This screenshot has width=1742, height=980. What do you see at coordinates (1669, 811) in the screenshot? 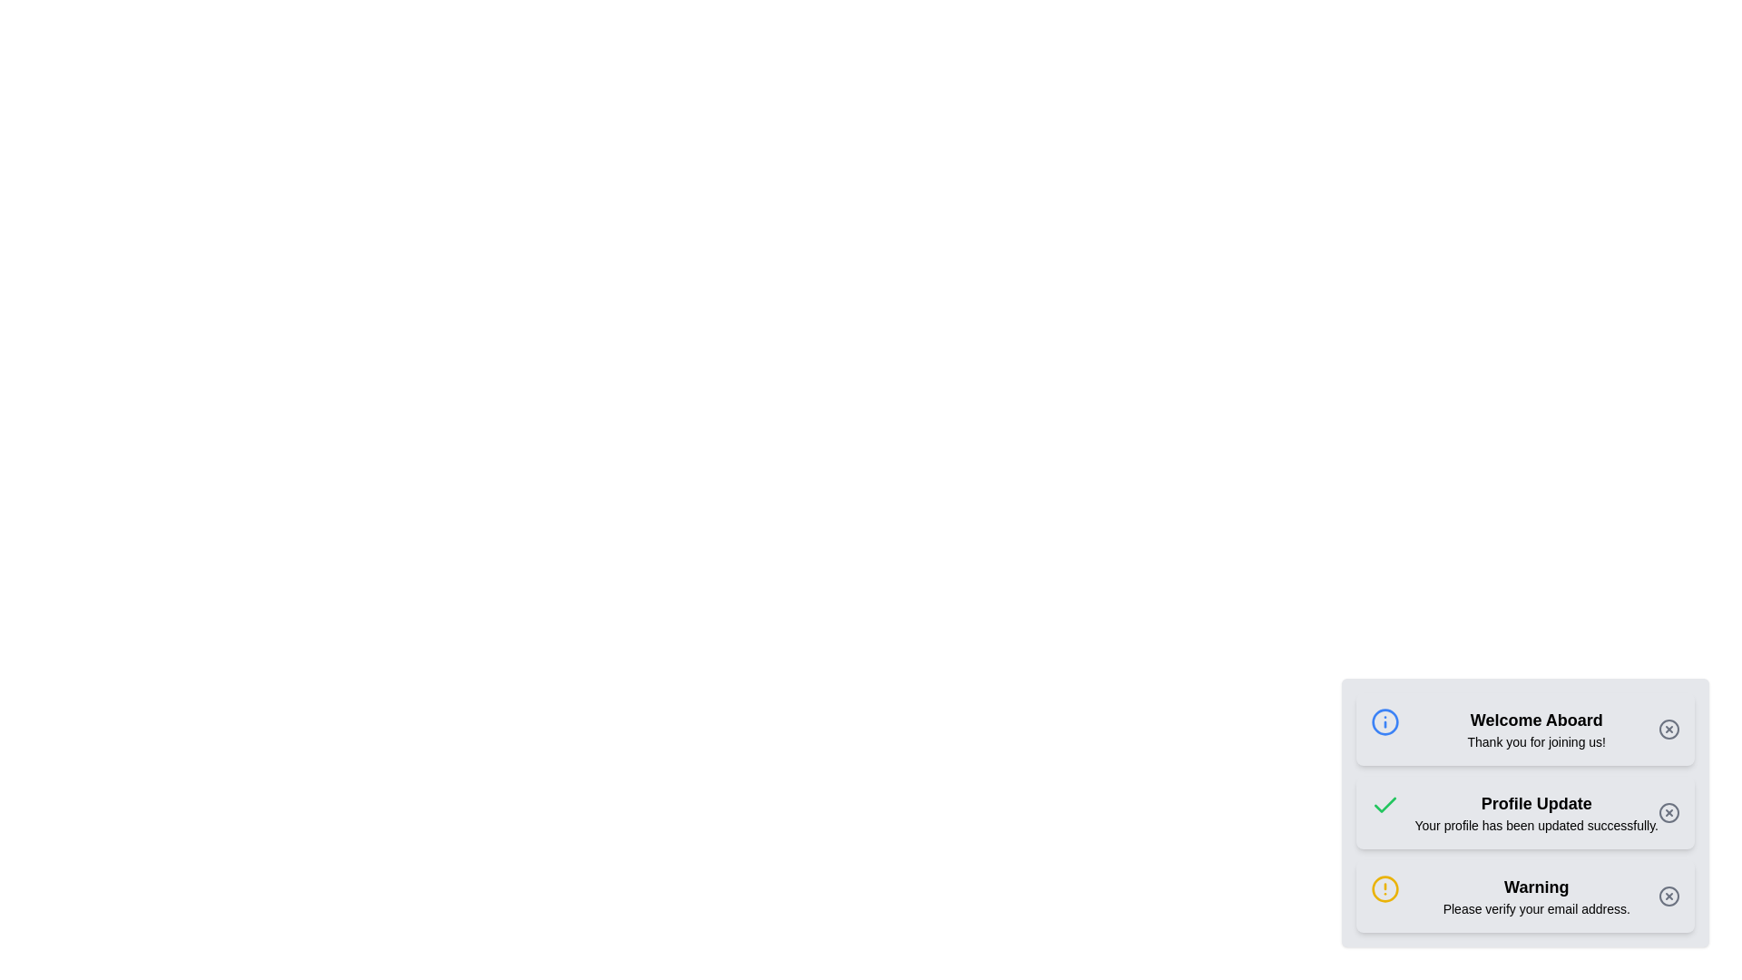
I see `the dismiss button located on the right side of the 'Profile Update' notification, which closes the notification` at bounding box center [1669, 811].